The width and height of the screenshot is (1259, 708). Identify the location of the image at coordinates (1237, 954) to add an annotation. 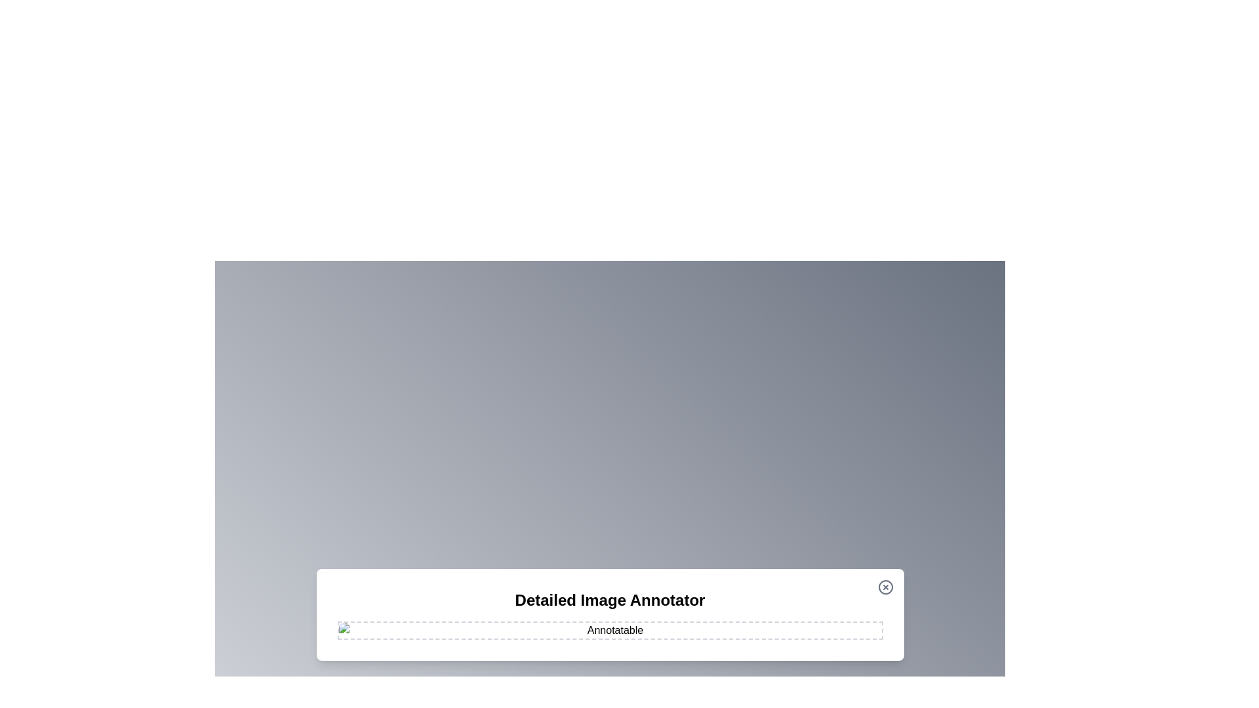
(810, 624).